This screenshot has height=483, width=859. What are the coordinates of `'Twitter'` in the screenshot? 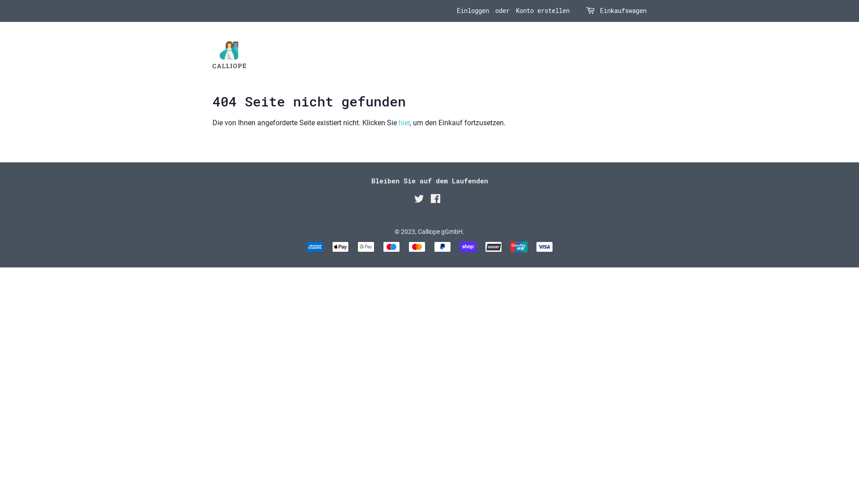 It's located at (418, 199).